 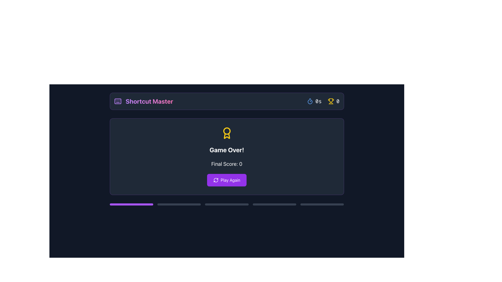 I want to click on the 'Play Again' button located below the 'Final Score: 0' text for keyboard interaction, so click(x=227, y=180).